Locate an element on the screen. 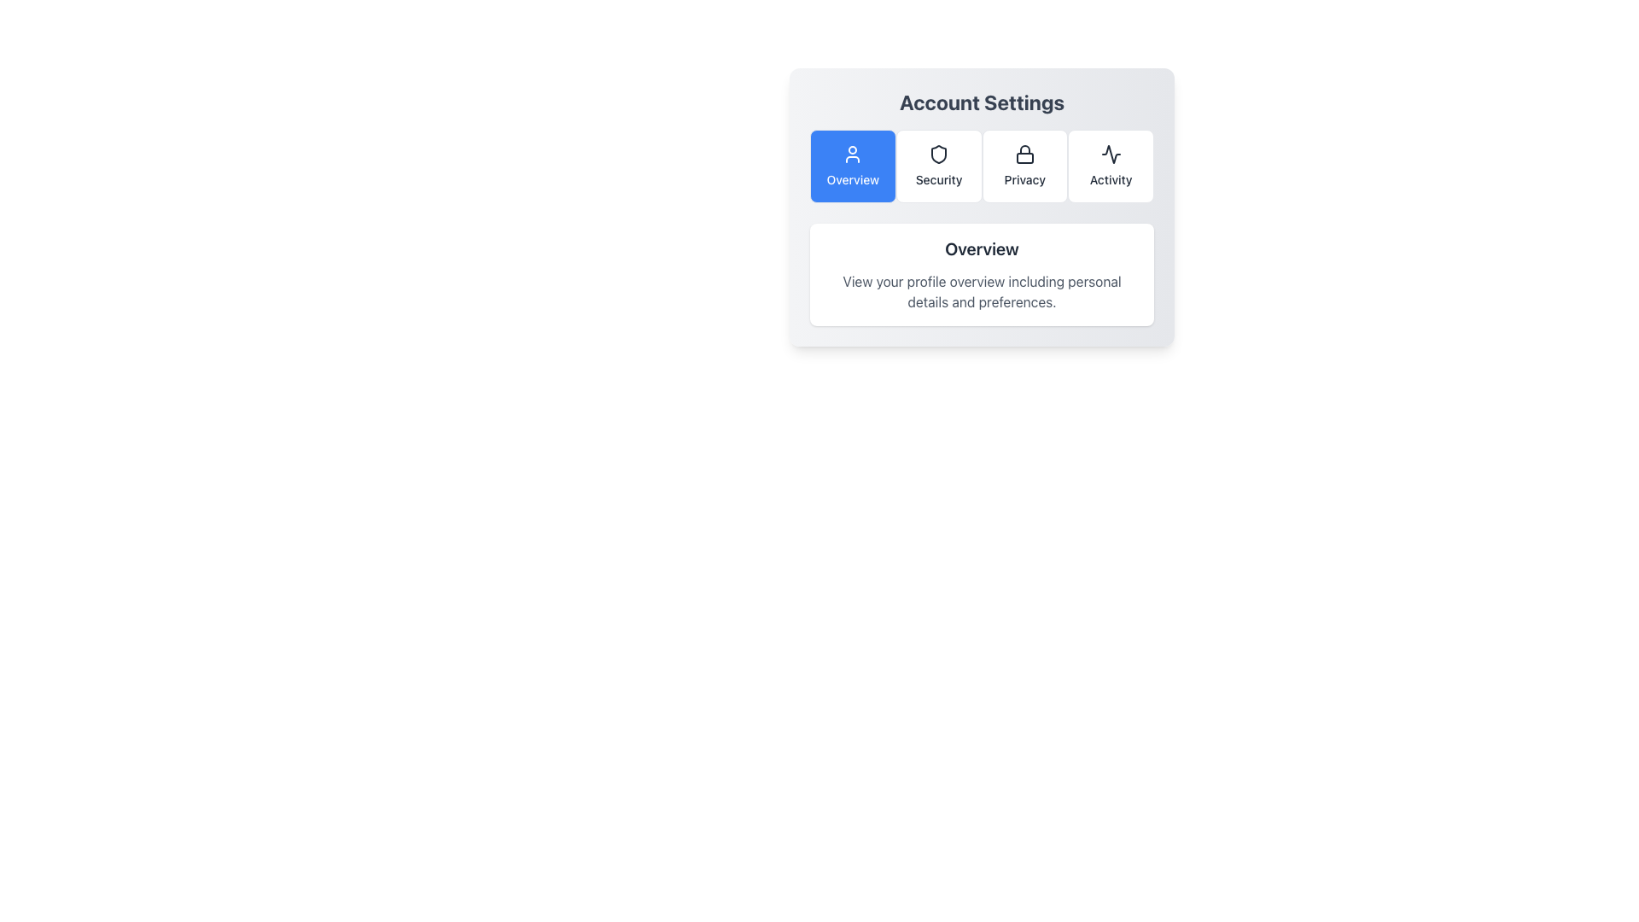  Text Label that serves as a heading for the profile overview section, situated above the descriptive text about viewing the profile overview is located at coordinates (982, 249).